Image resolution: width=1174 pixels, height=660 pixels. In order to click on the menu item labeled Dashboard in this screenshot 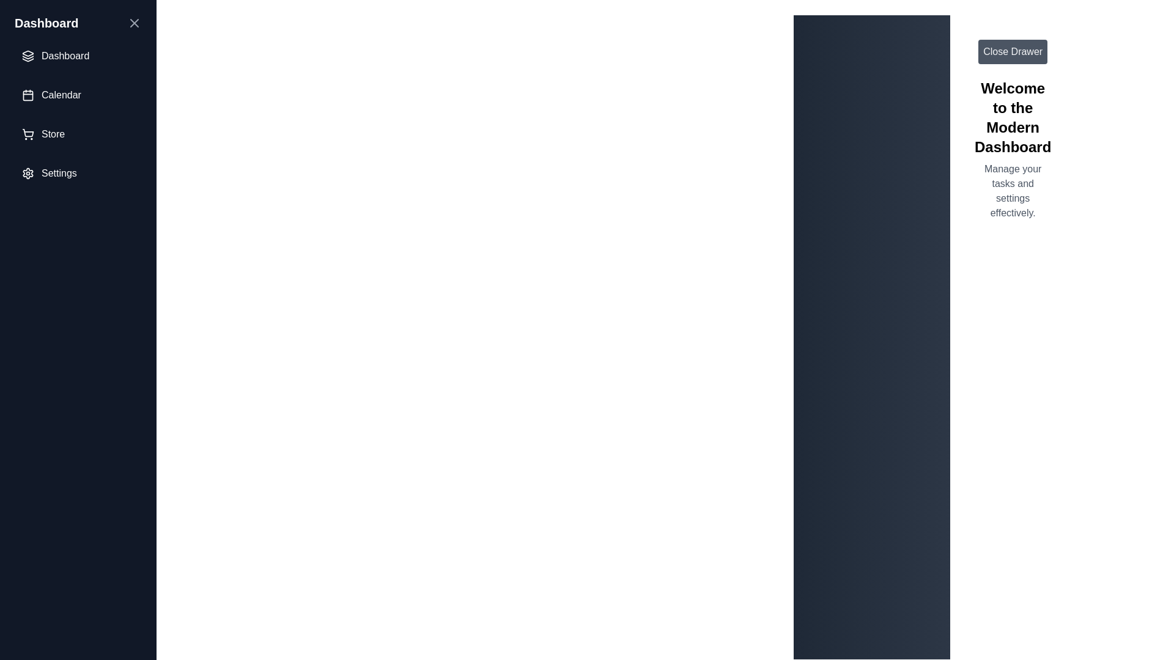, I will do `click(78, 56)`.